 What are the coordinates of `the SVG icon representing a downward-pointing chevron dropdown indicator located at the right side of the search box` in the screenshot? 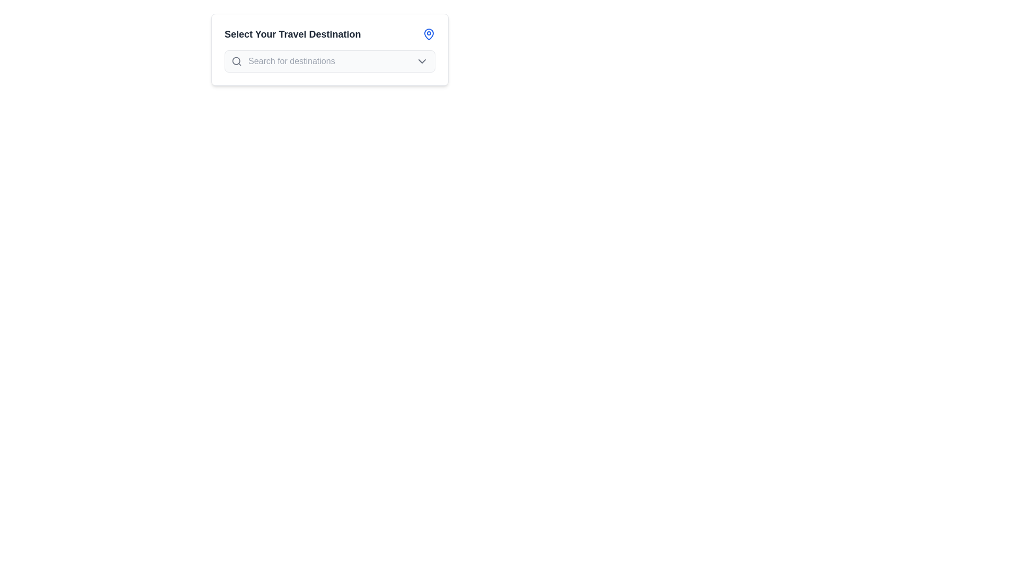 It's located at (421, 61).